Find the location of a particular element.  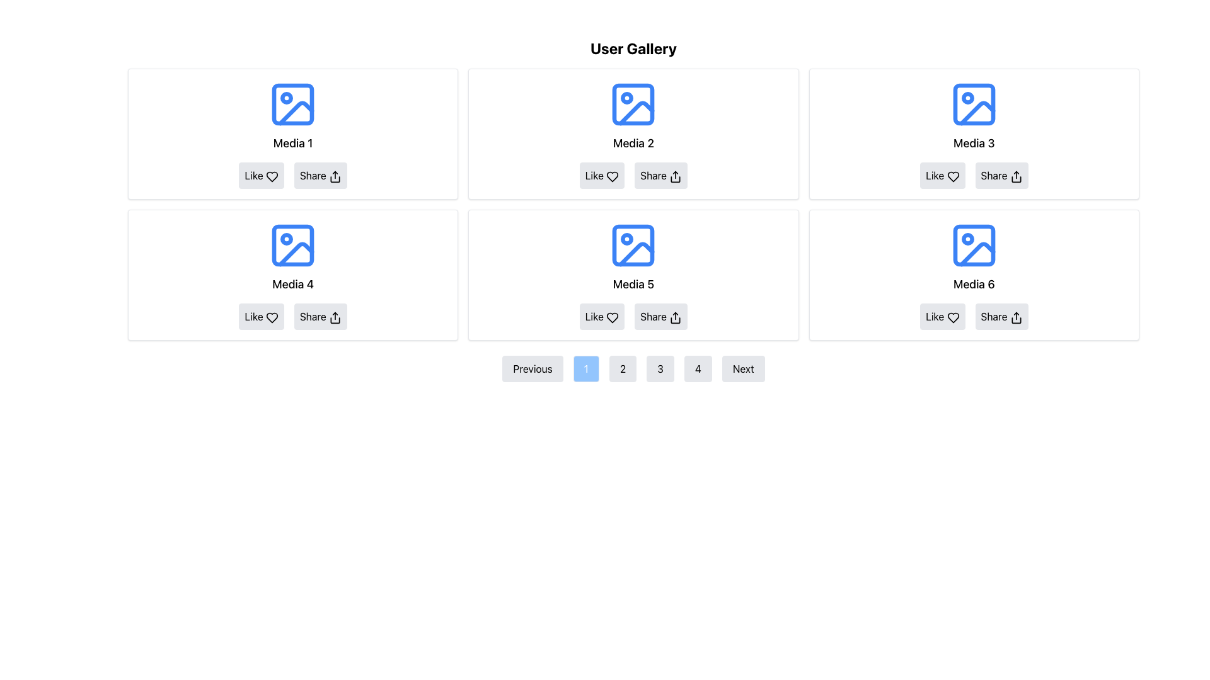

the heart-shaped icon inside the 'Like' button is located at coordinates (271, 176).